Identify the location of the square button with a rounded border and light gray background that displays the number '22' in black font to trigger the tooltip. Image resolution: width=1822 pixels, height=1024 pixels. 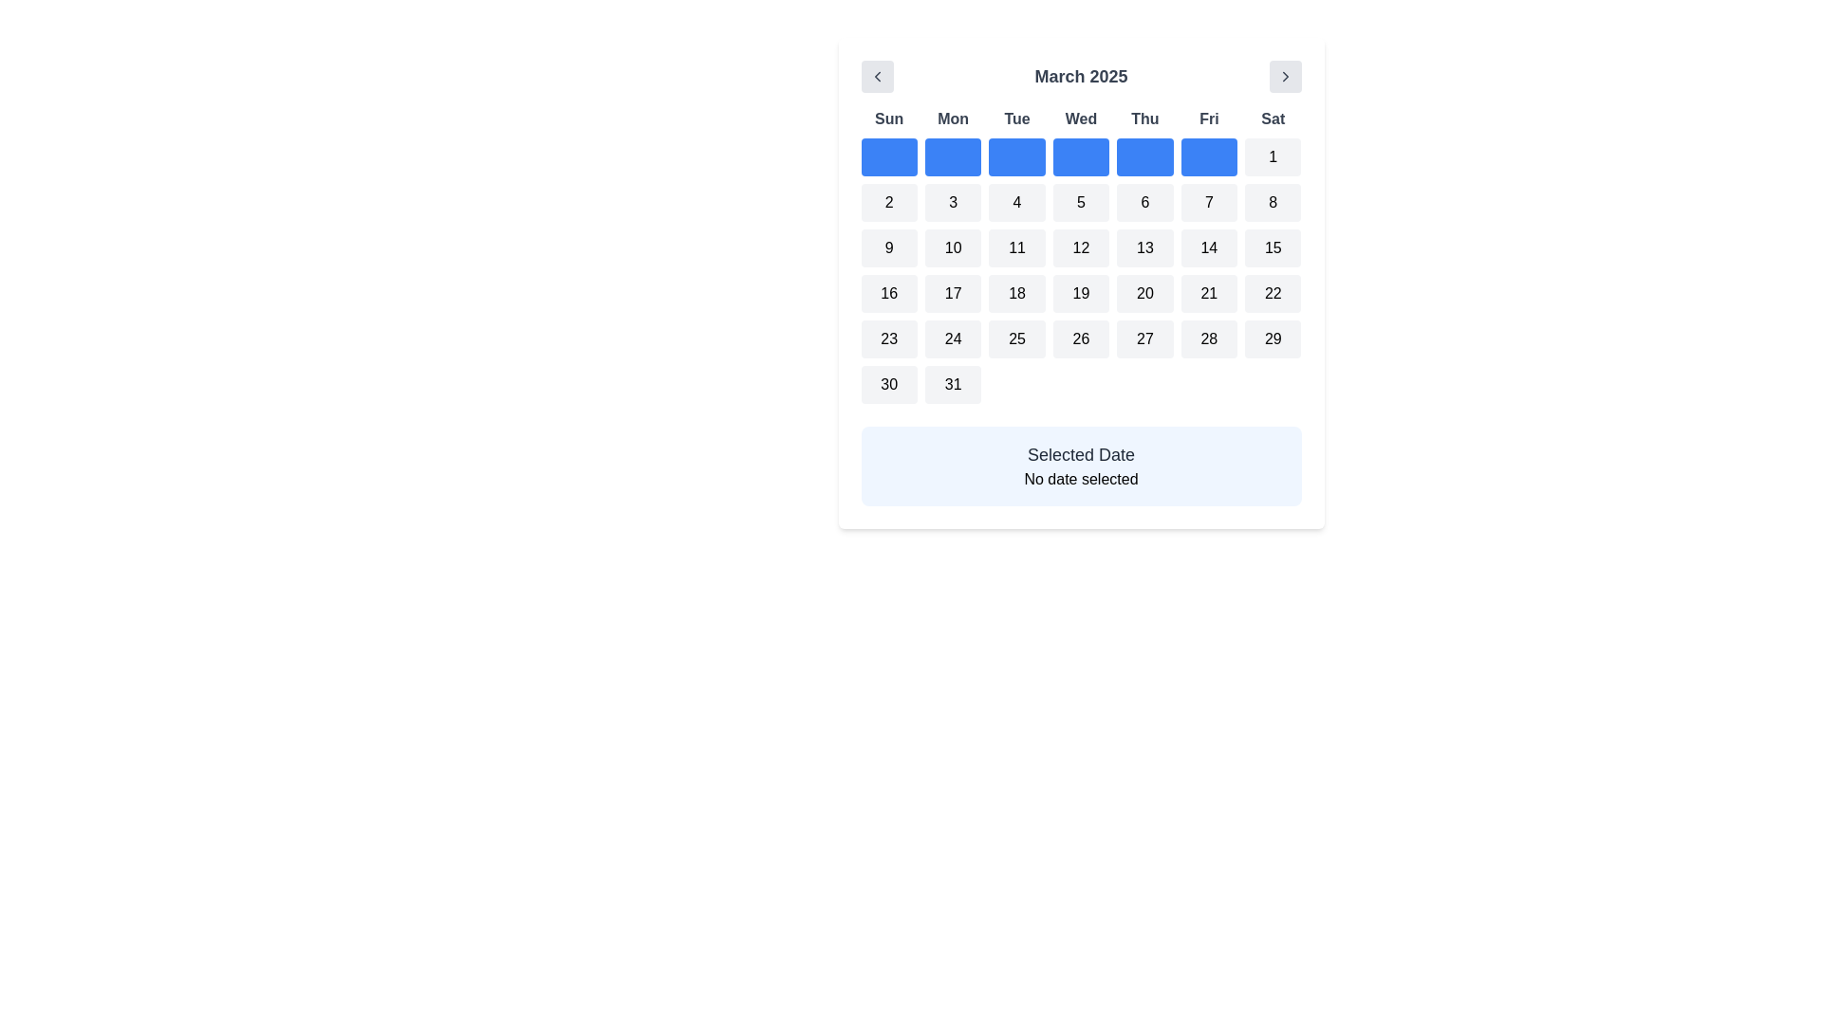
(1273, 293).